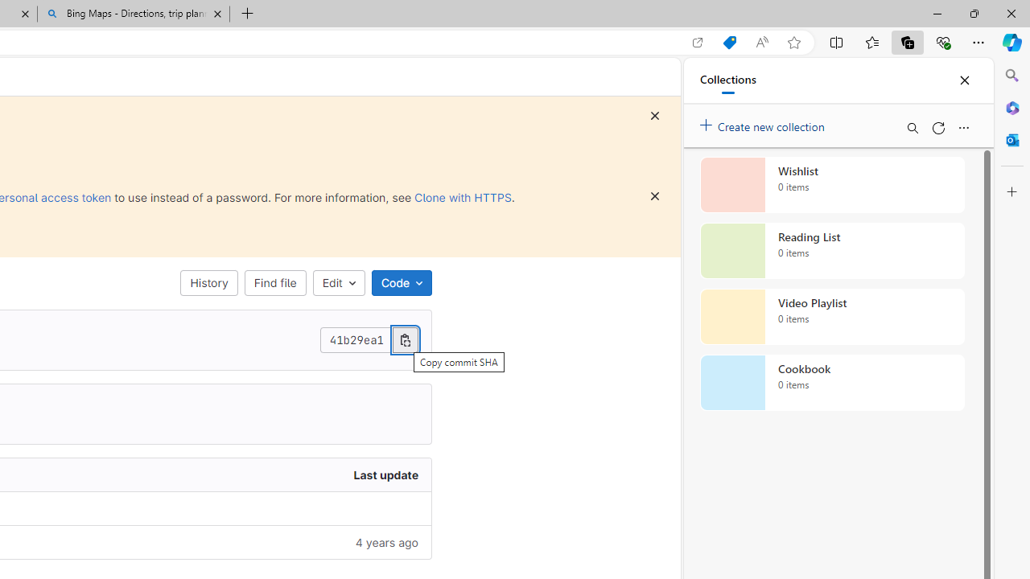 The image size is (1030, 579). What do you see at coordinates (338, 282) in the screenshot?
I see `'Edit'` at bounding box center [338, 282].